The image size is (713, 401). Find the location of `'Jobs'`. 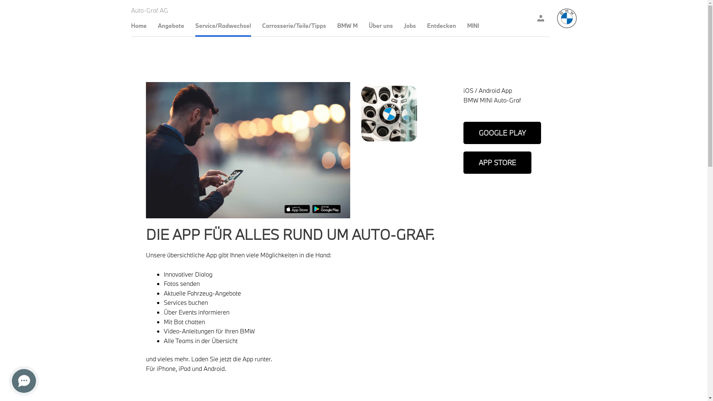

'Jobs' is located at coordinates (410, 25).